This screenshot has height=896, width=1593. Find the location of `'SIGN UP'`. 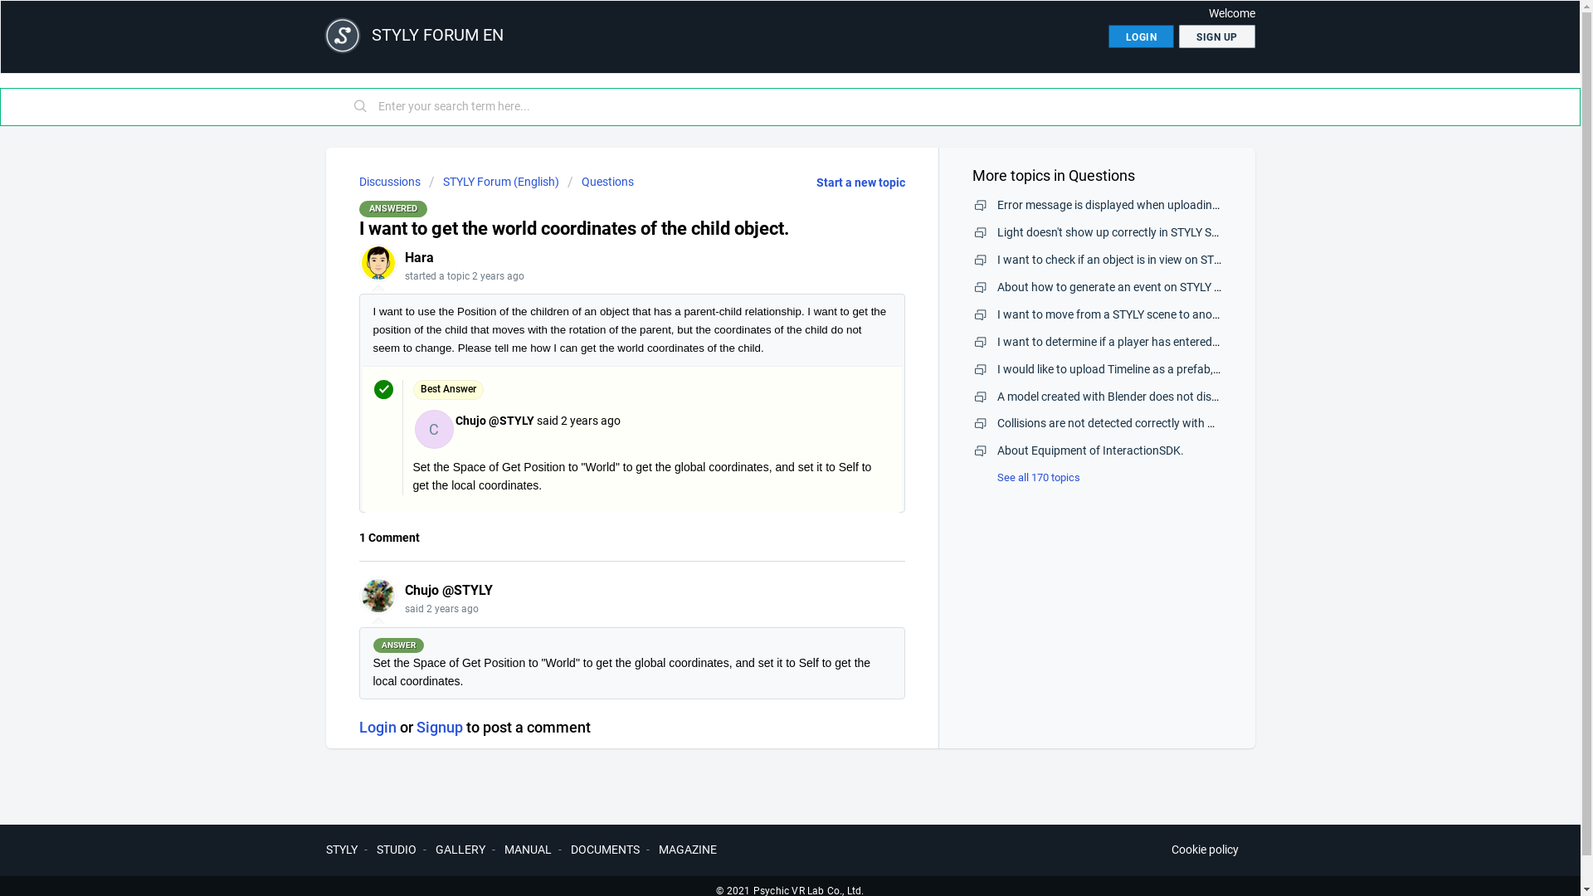

'SIGN UP' is located at coordinates (1217, 36).